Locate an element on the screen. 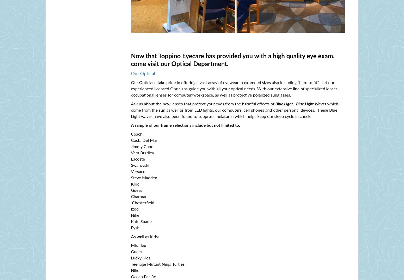 Image resolution: width=404 pixels, height=280 pixels. 'Vera Bradley' is located at coordinates (142, 153).